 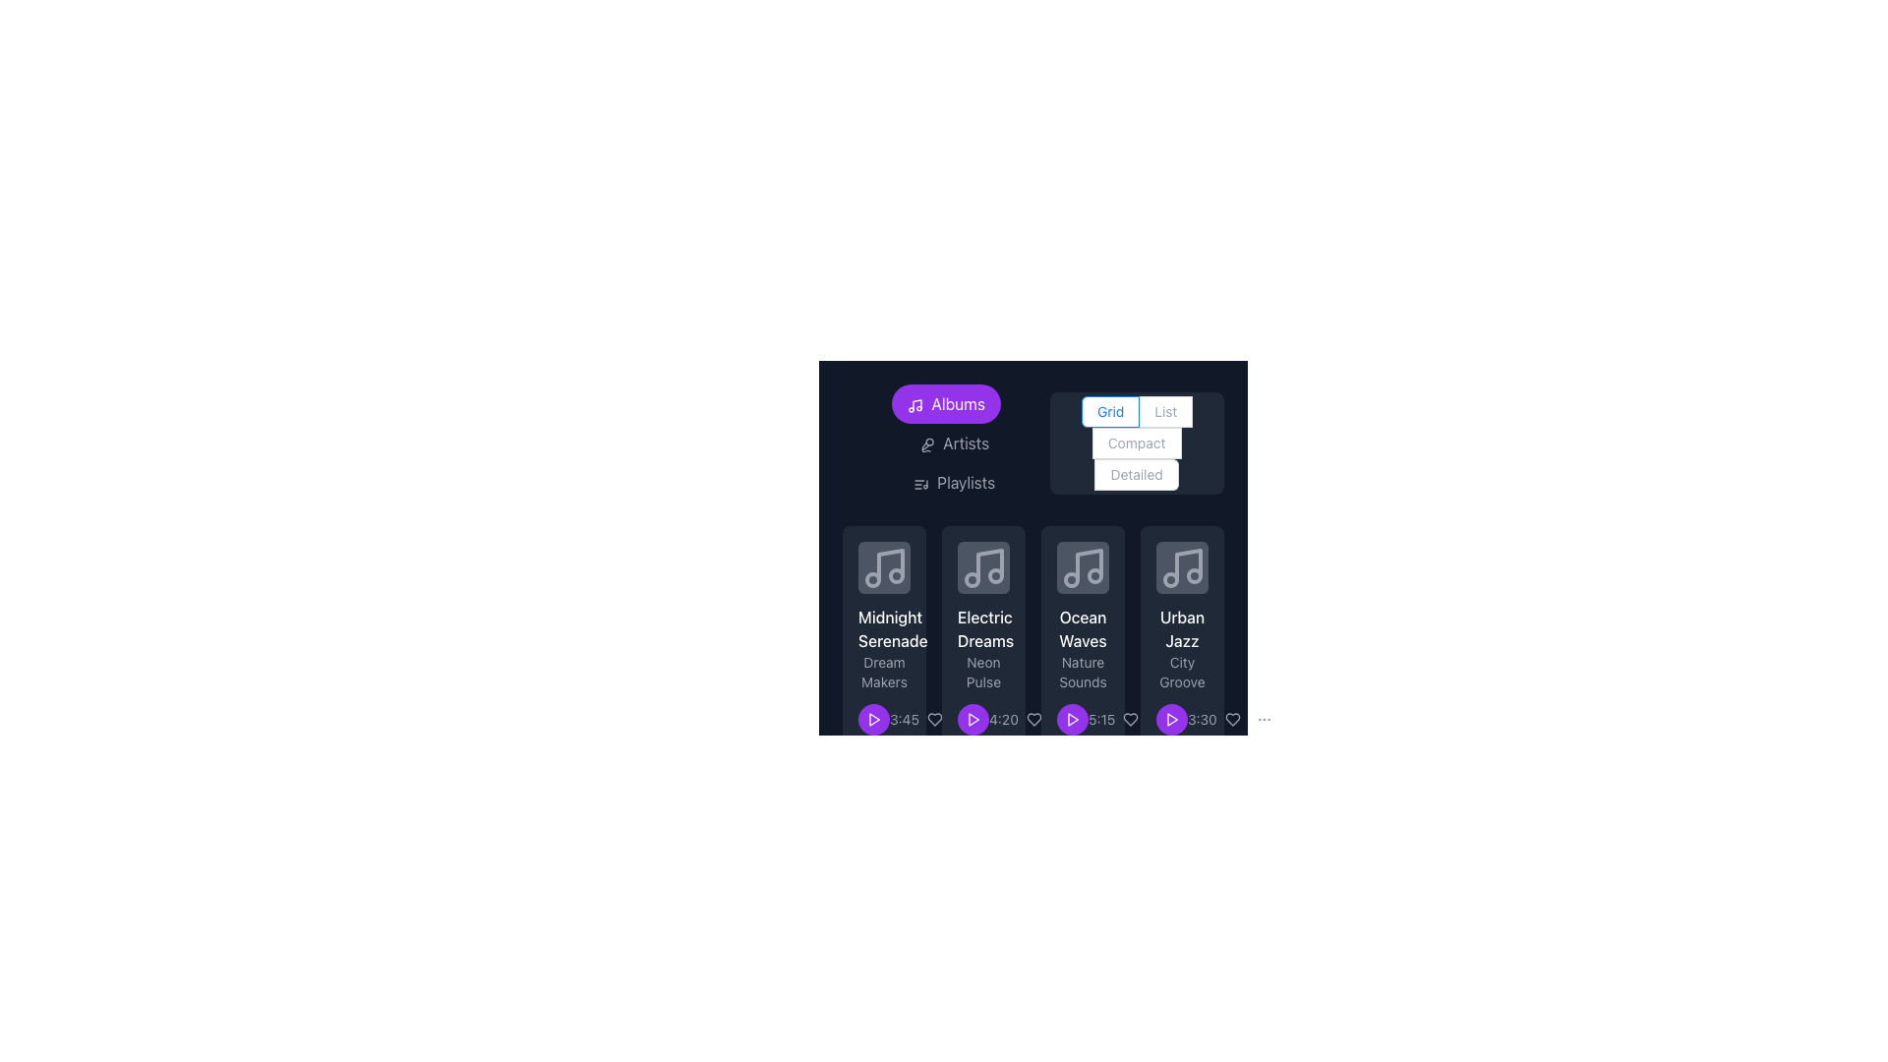 What do you see at coordinates (983, 629) in the screenshot?
I see `the text element displaying 'Electric Dreams' in white font, located in the second column of the grid layout, beneath the icon and above the subtitle 'Neon Pulse'` at bounding box center [983, 629].